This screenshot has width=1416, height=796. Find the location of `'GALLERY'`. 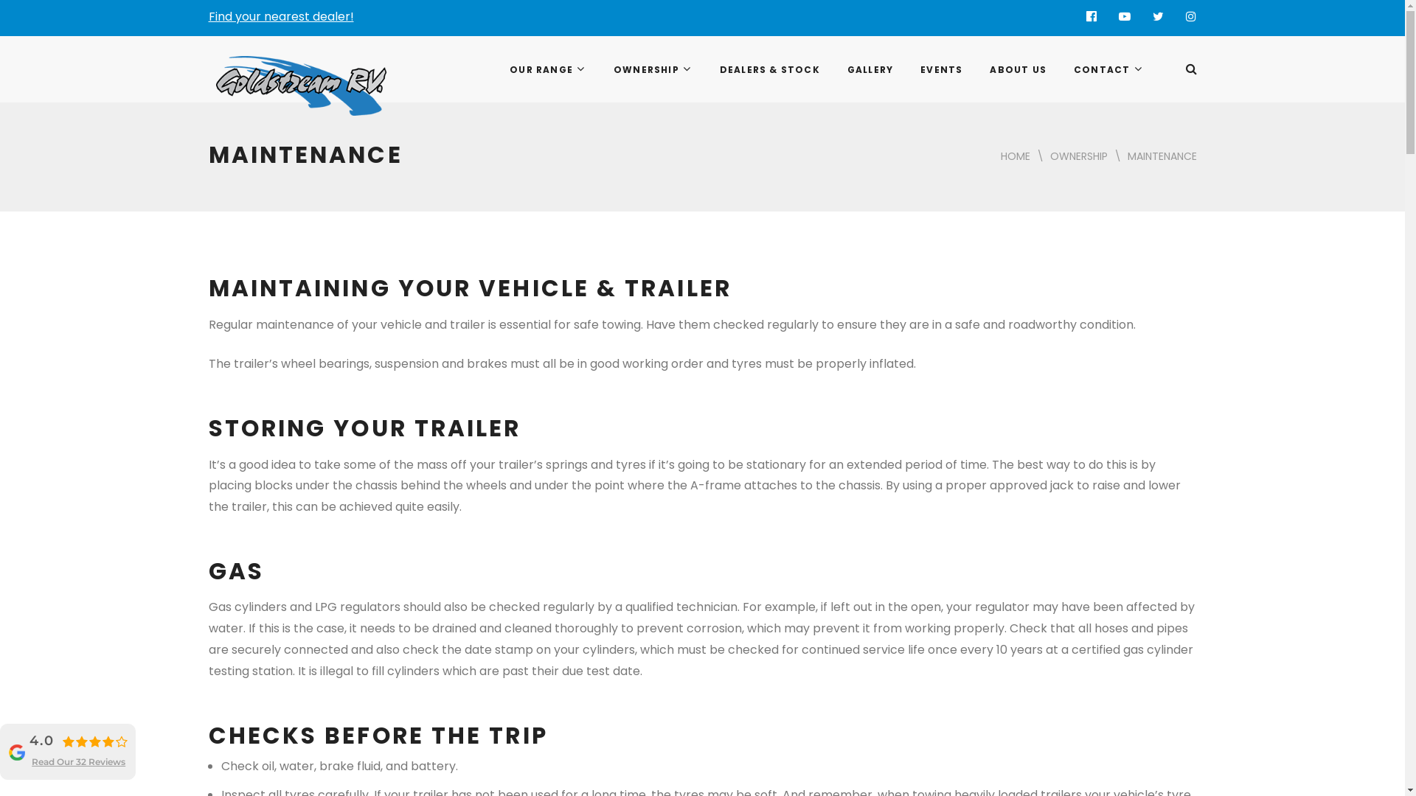

'GALLERY' is located at coordinates (869, 69).